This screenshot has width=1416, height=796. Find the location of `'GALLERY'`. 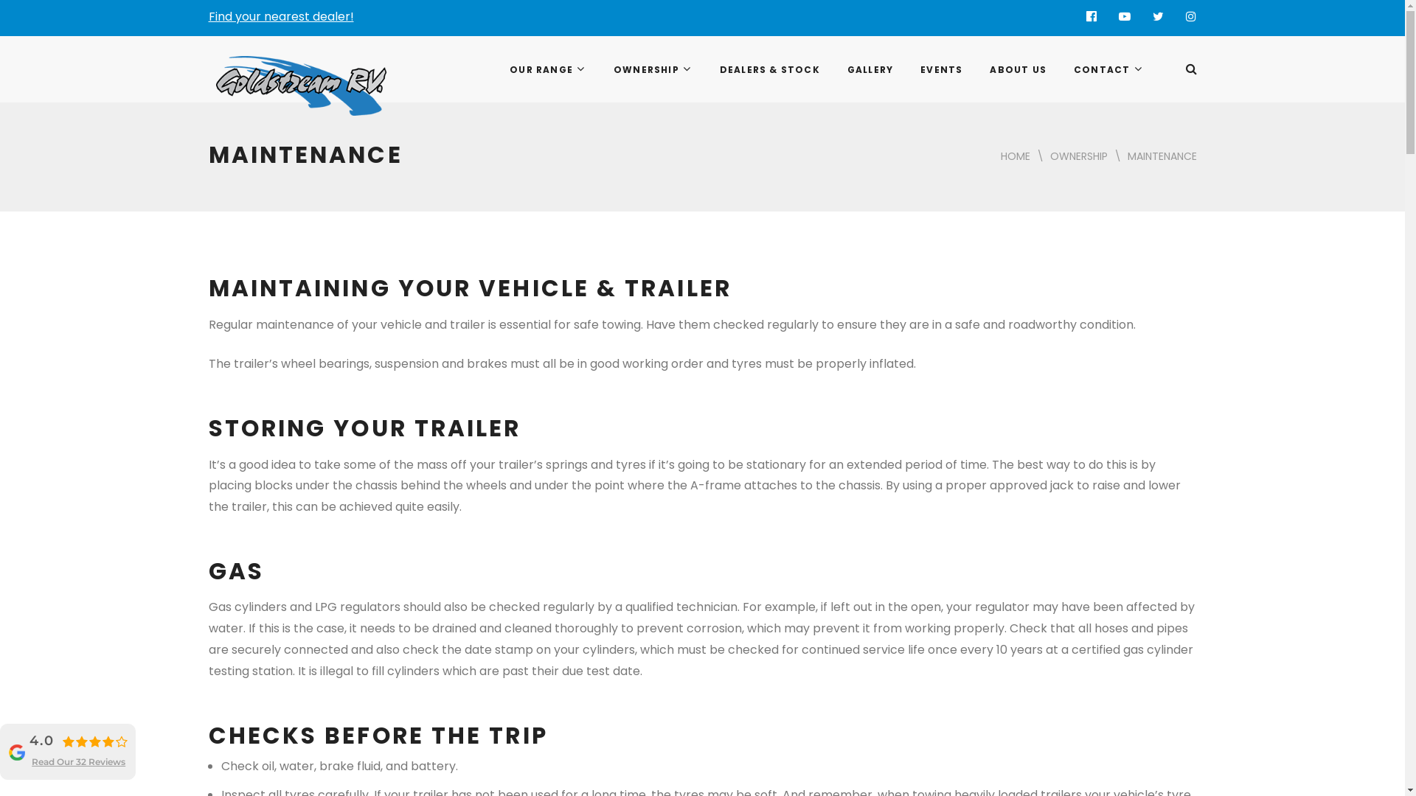

'GALLERY' is located at coordinates (869, 69).